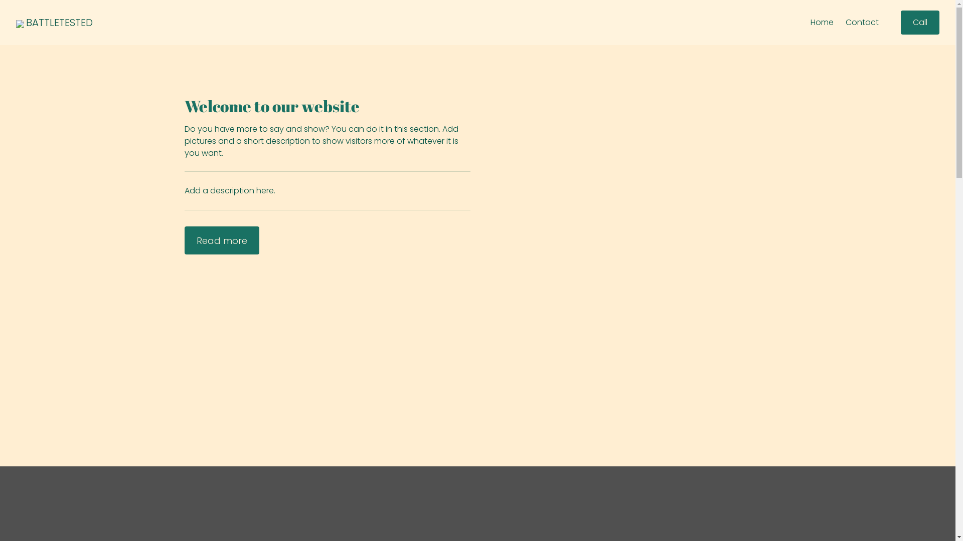 The width and height of the screenshot is (963, 541). Describe the element at coordinates (185, 240) in the screenshot. I see `'Read more'` at that location.